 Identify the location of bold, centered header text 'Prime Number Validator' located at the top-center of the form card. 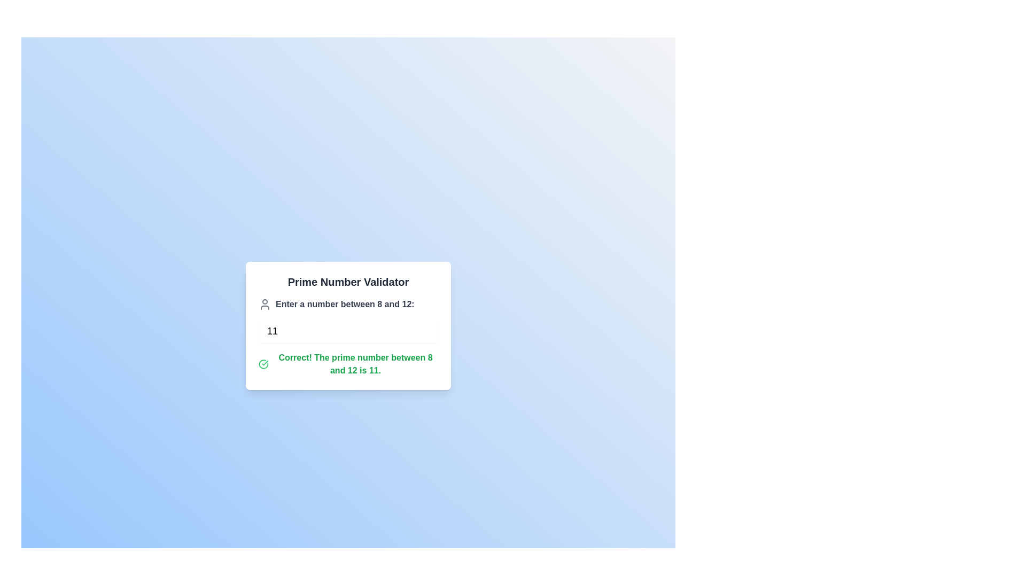
(348, 282).